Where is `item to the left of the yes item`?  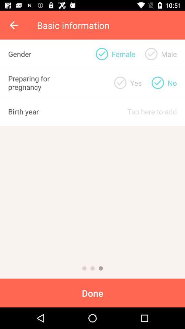
item to the left of the yes item is located at coordinates (101, 53).